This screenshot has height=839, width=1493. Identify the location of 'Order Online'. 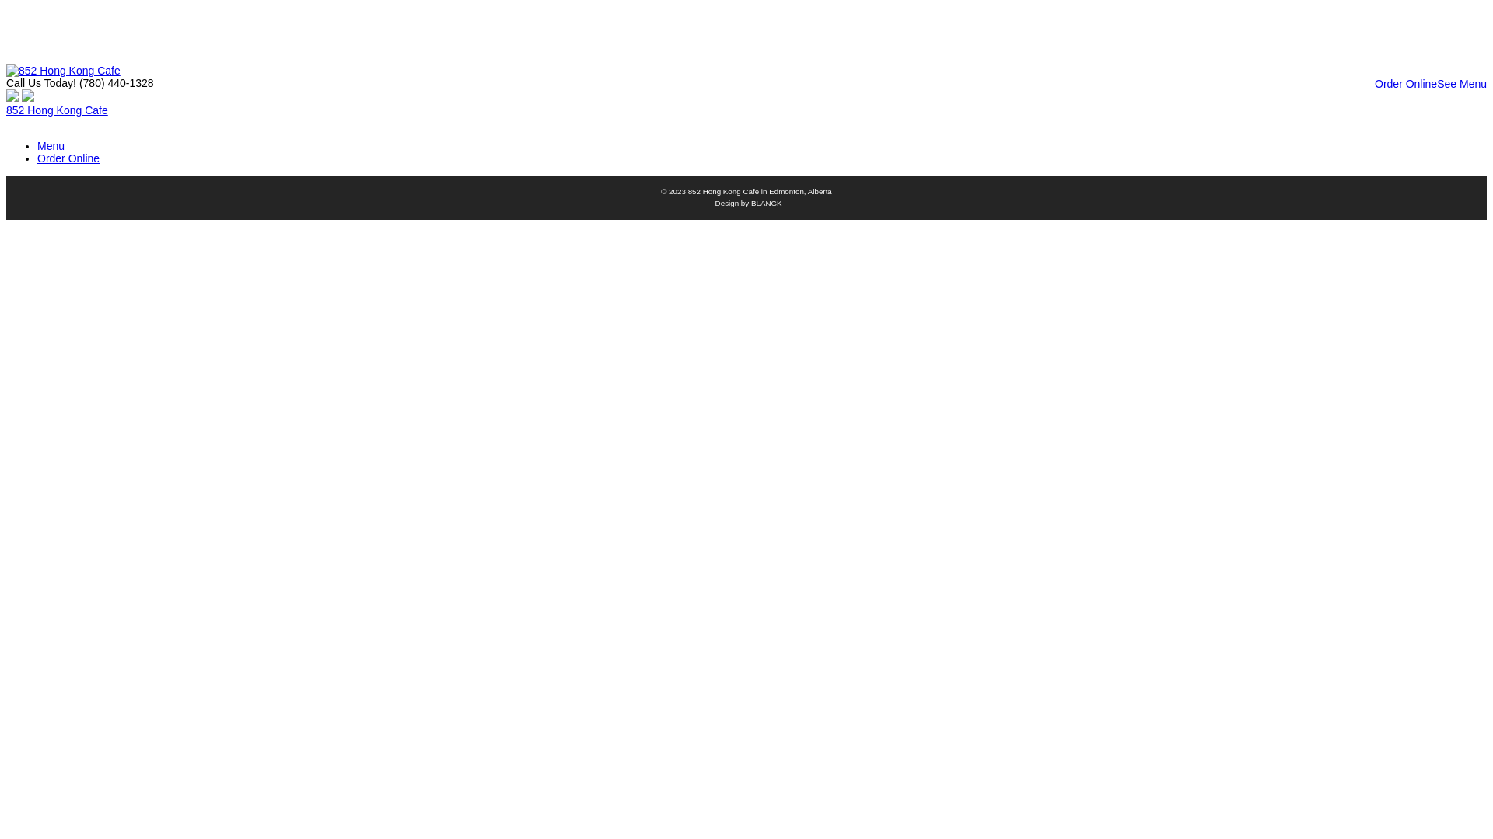
(67, 158).